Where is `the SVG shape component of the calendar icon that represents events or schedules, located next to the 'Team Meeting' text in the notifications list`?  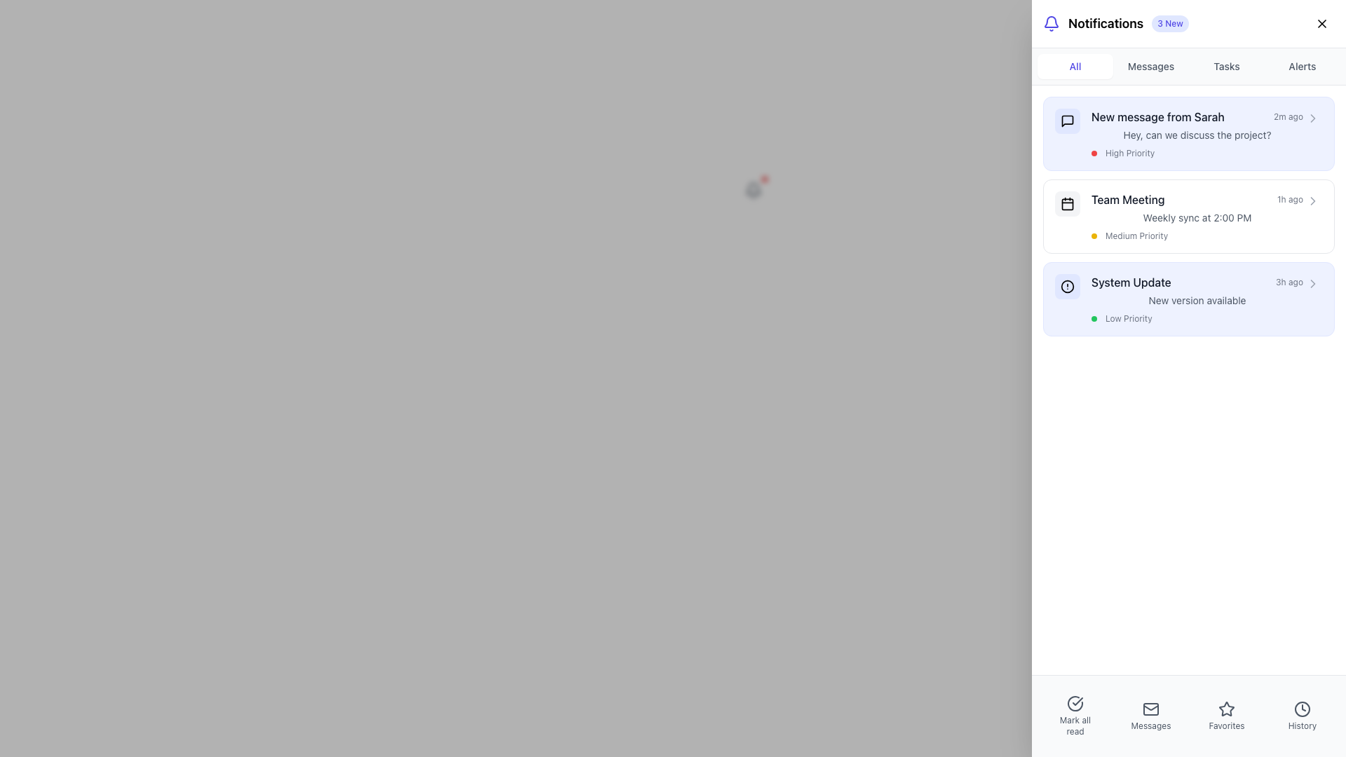
the SVG shape component of the calendar icon that represents events or schedules, located next to the 'Team Meeting' text in the notifications list is located at coordinates (1066, 203).